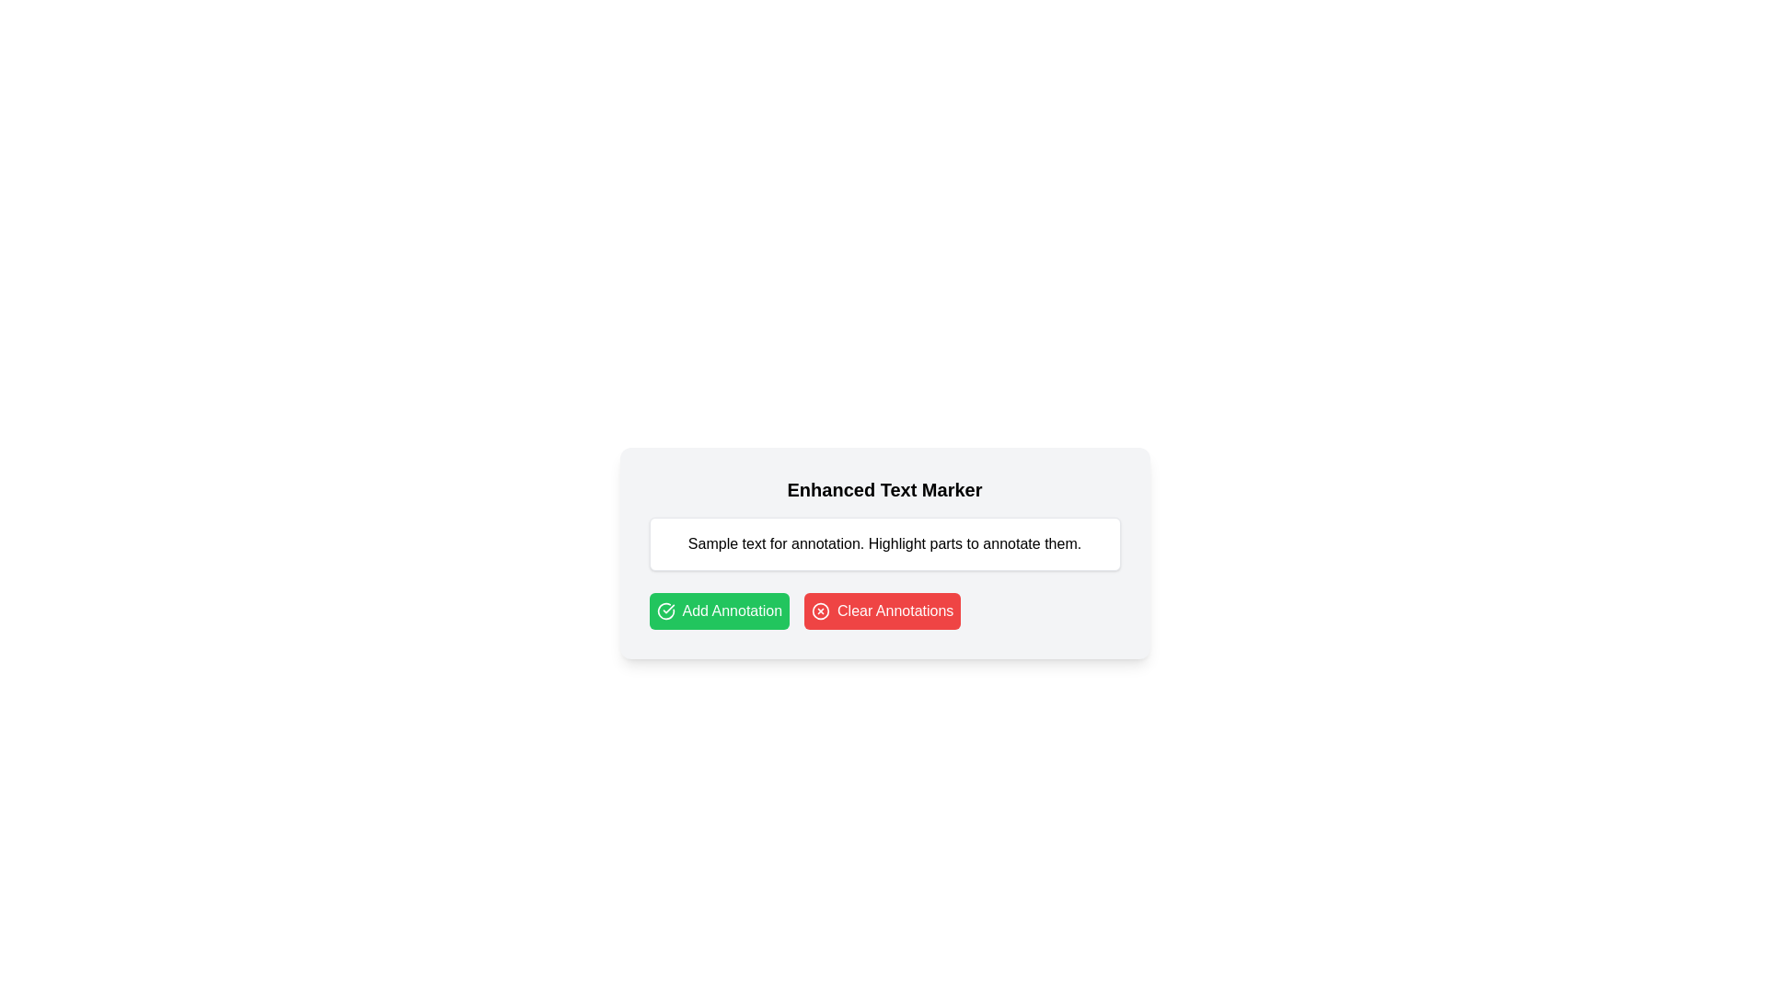  What do you see at coordinates (1036, 542) in the screenshot?
I see `the last 'e' in the word 'annotate' displayed in the center of the interface below the title 'Enhanced Text Marker.'` at bounding box center [1036, 542].